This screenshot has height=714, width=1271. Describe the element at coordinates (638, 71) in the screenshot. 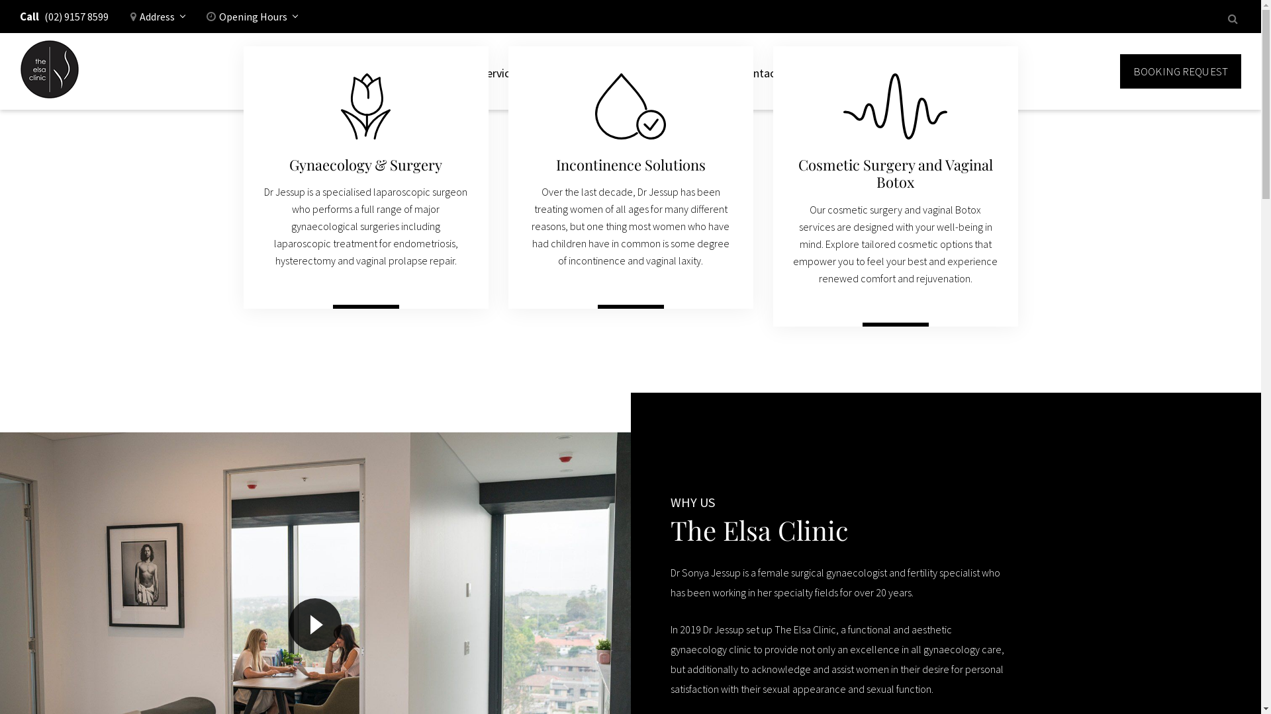

I see `'Our Team'` at that location.